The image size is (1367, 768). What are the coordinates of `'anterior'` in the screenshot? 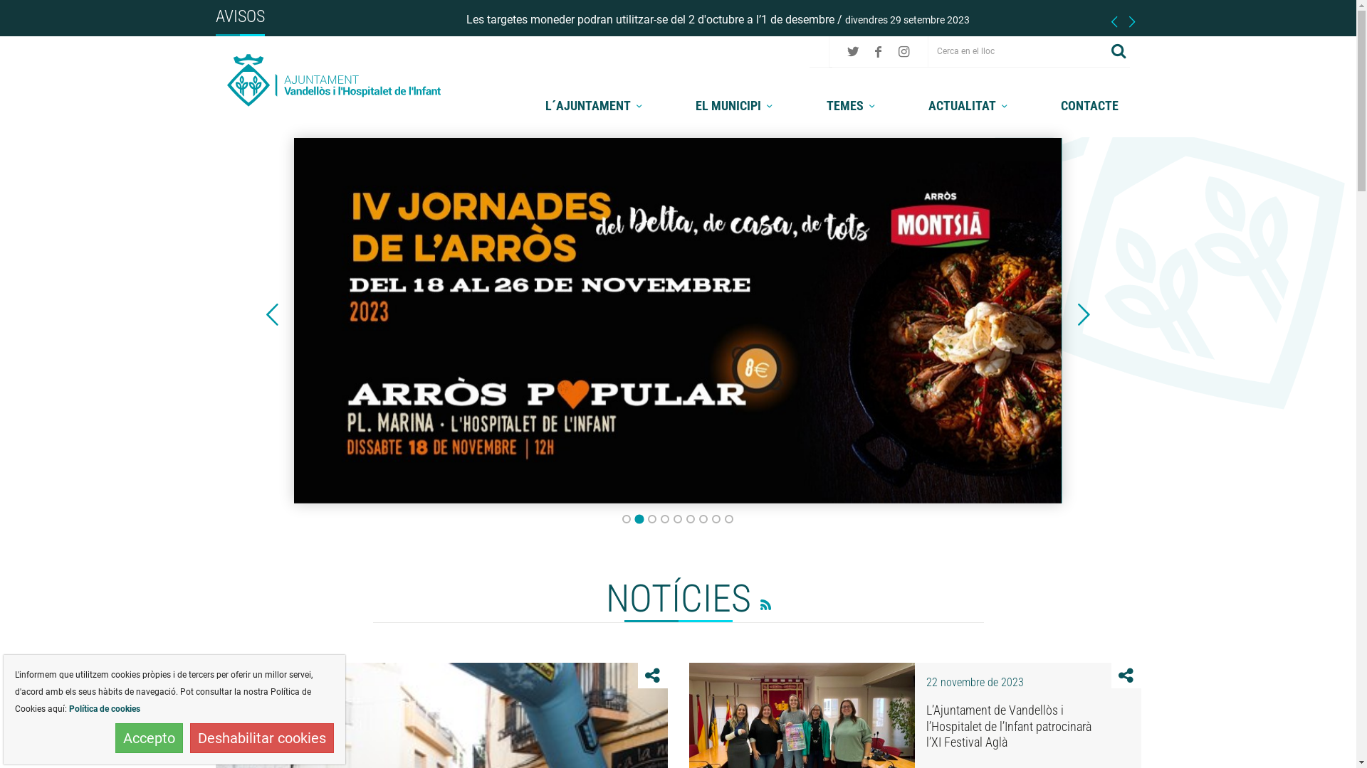 It's located at (272, 314).